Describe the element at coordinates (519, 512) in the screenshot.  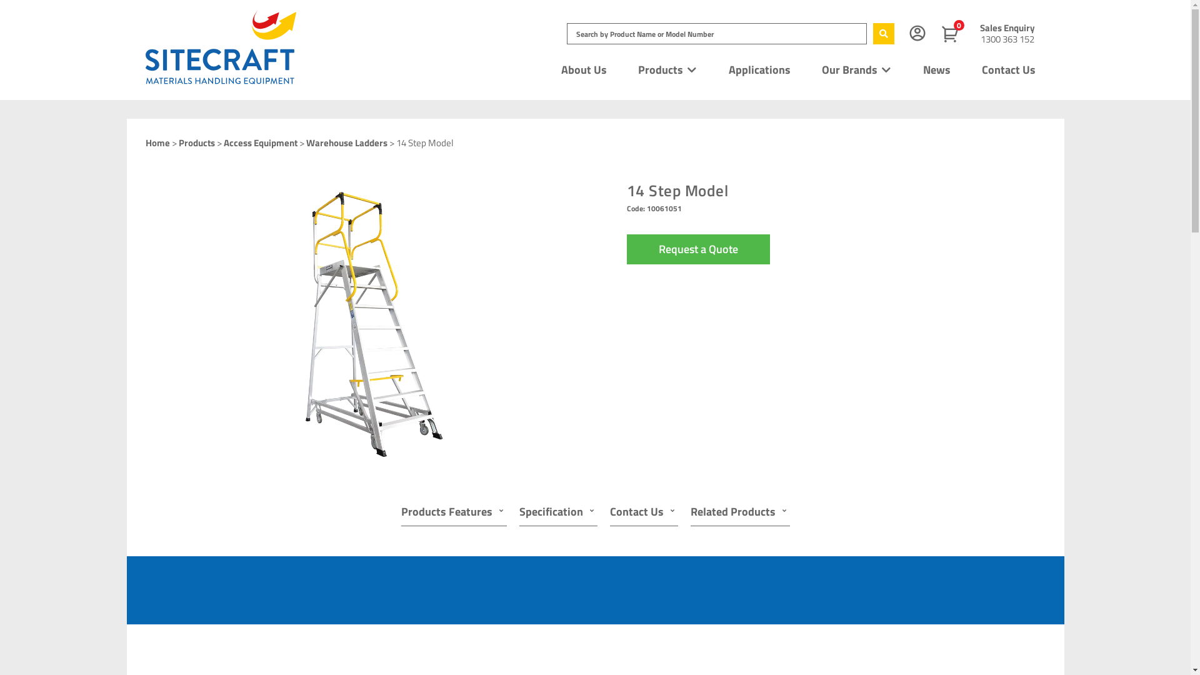
I see `'Specification'` at that location.